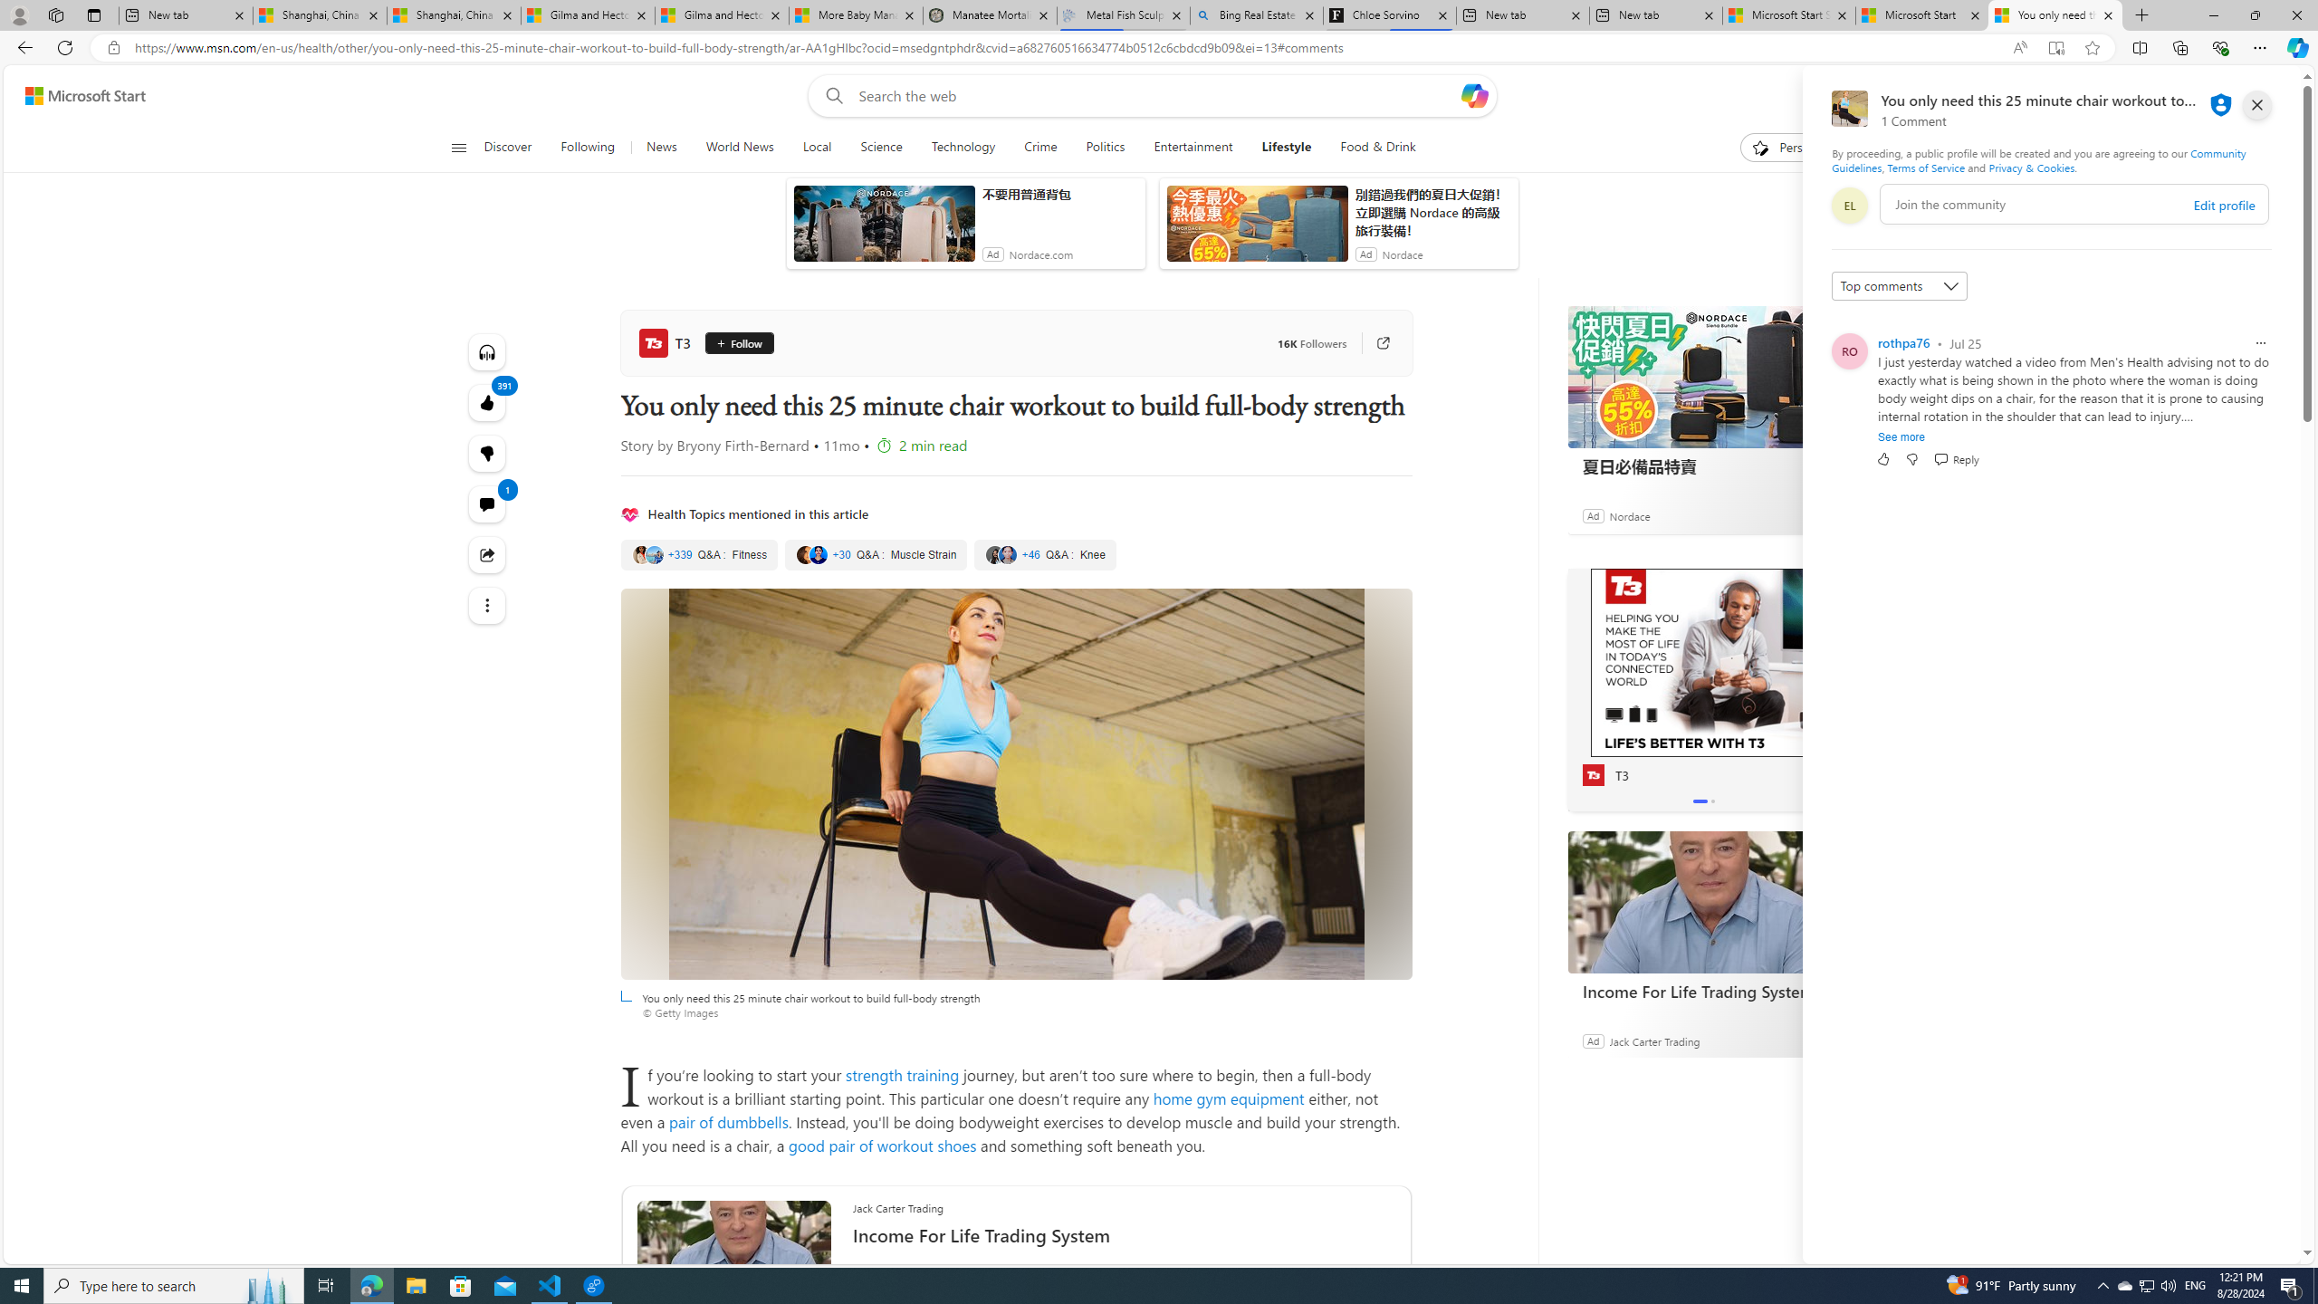  What do you see at coordinates (1376, 147) in the screenshot?
I see `'Food & Drink'` at bounding box center [1376, 147].